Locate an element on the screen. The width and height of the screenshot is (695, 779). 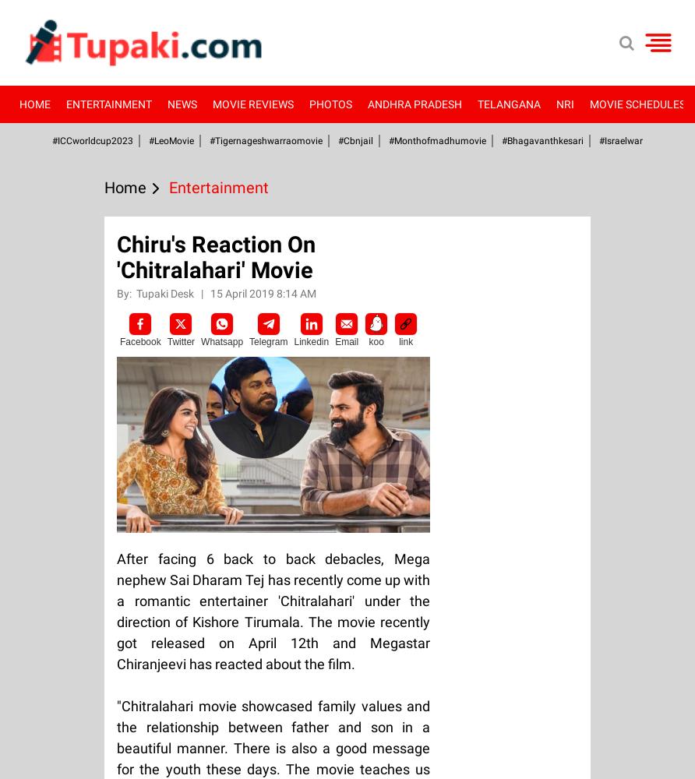
'Tupaki Desk' is located at coordinates (165, 294).